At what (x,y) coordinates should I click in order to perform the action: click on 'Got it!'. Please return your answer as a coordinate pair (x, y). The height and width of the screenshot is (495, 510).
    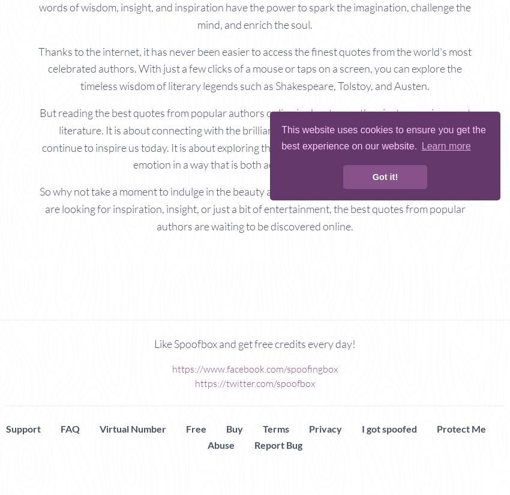
    Looking at the image, I should click on (385, 177).